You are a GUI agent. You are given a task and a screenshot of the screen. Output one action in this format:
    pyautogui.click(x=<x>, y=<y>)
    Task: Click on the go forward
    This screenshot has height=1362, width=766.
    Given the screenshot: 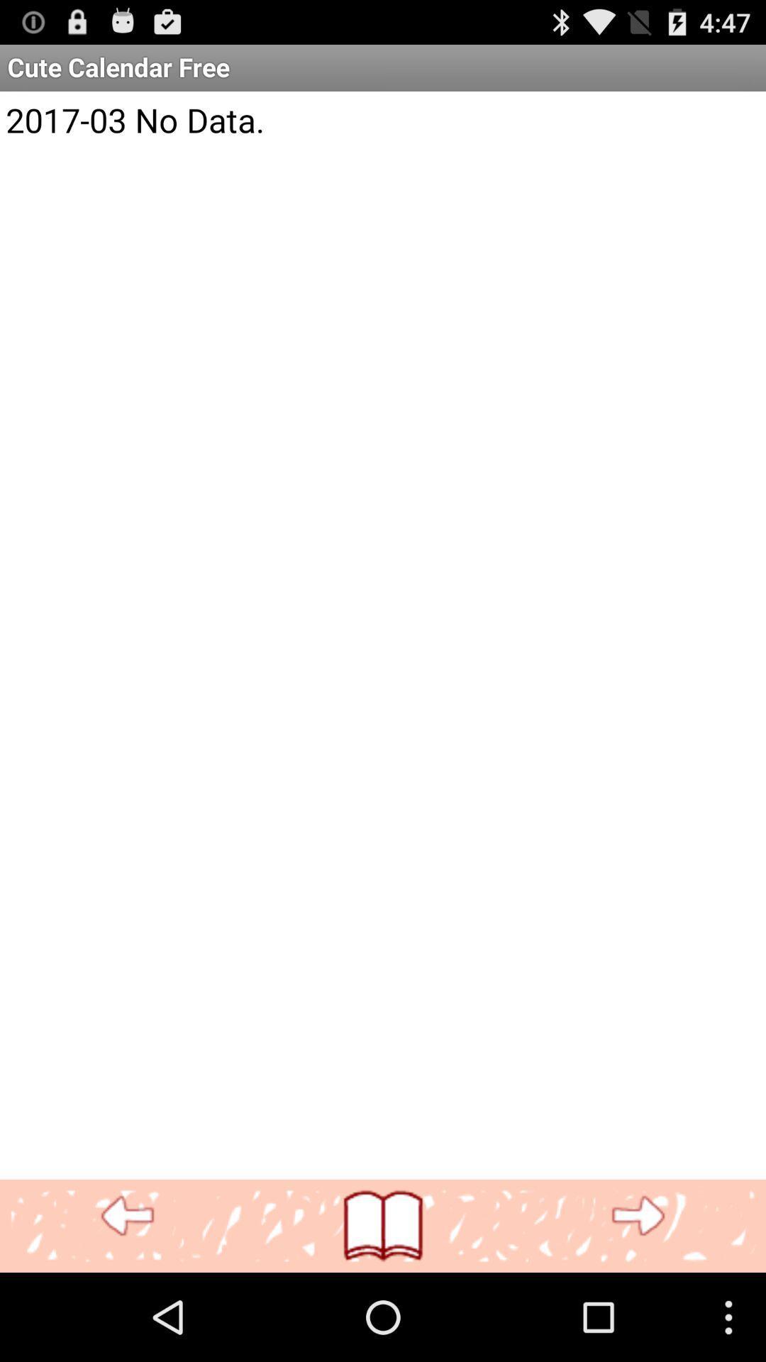 What is the action you would take?
    pyautogui.click(x=637, y=1216)
    